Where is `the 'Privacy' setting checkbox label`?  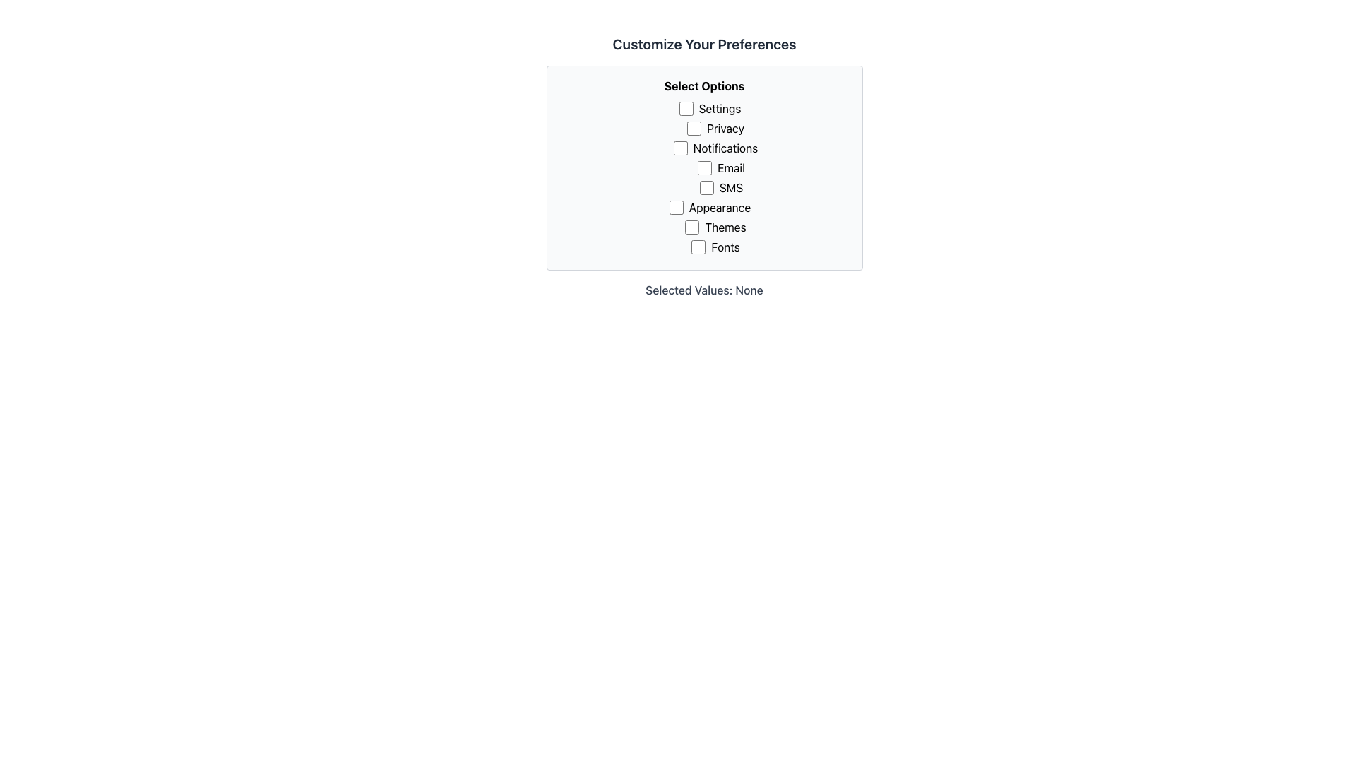 the 'Privacy' setting checkbox label is located at coordinates (715, 130).